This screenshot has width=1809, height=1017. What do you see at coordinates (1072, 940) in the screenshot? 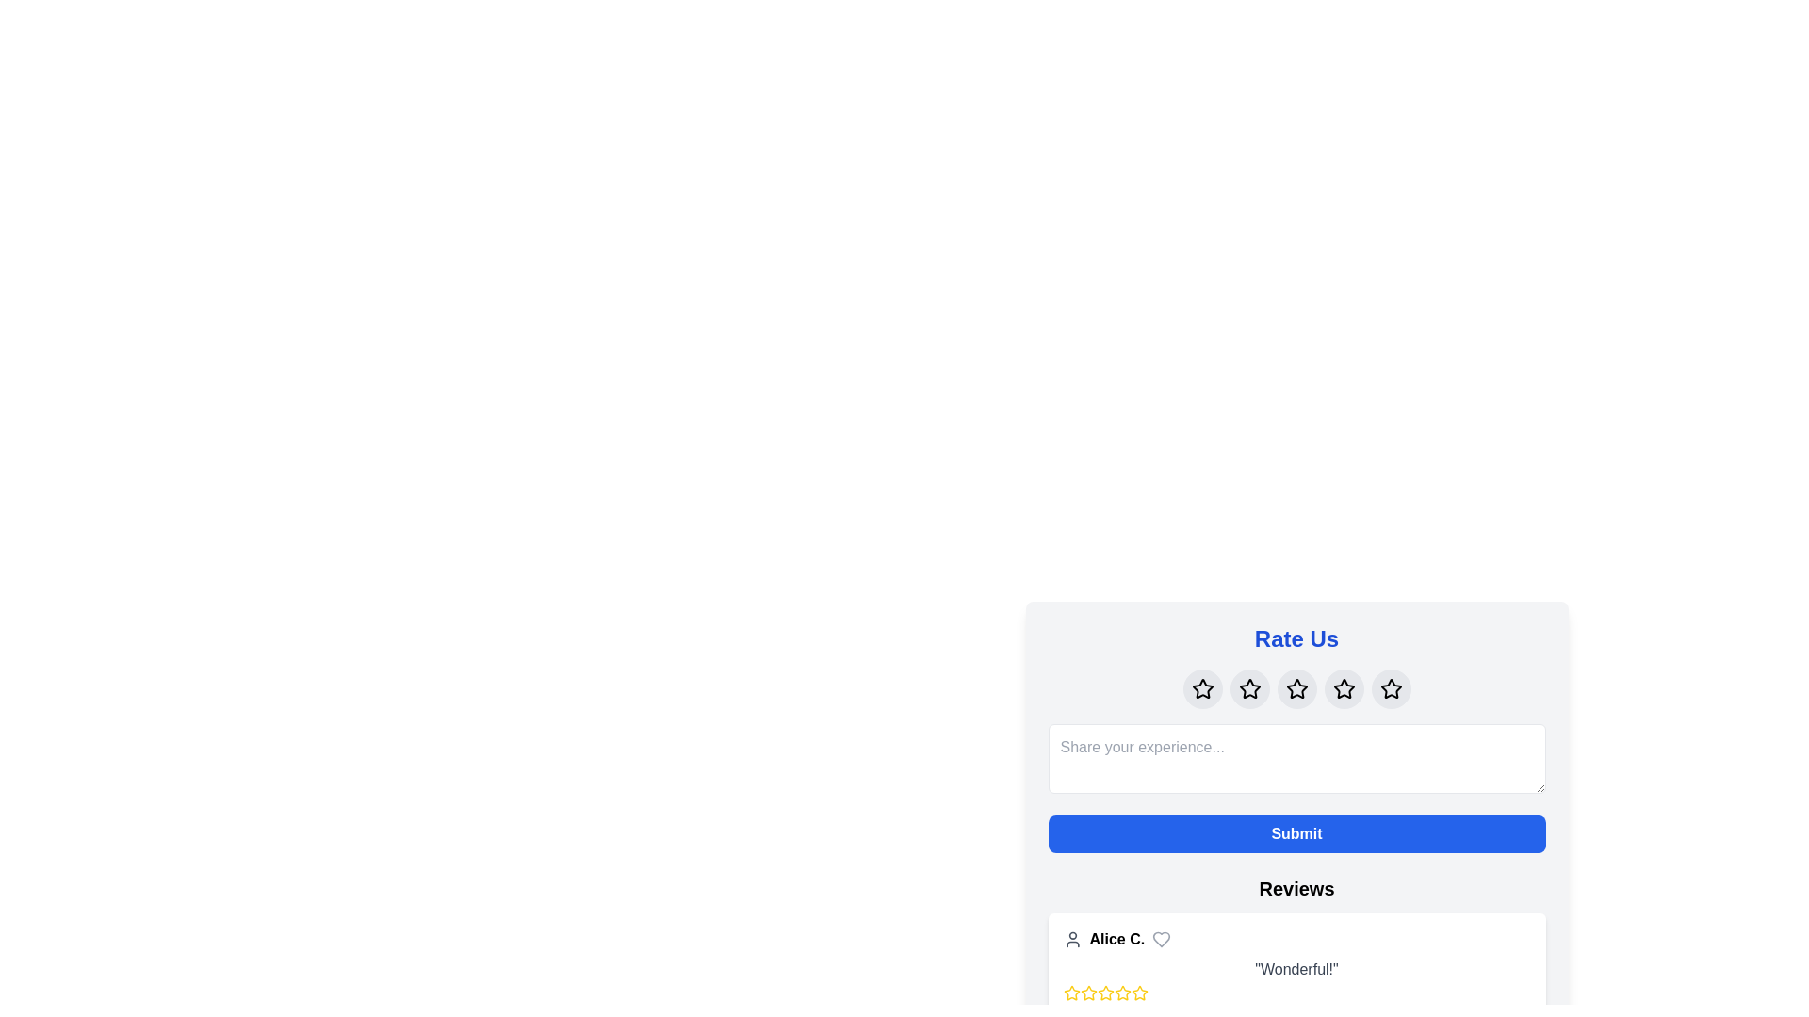
I see `the SVG icon representing the user associated with the review, located to the left of the title 'Alice C.'` at bounding box center [1072, 940].